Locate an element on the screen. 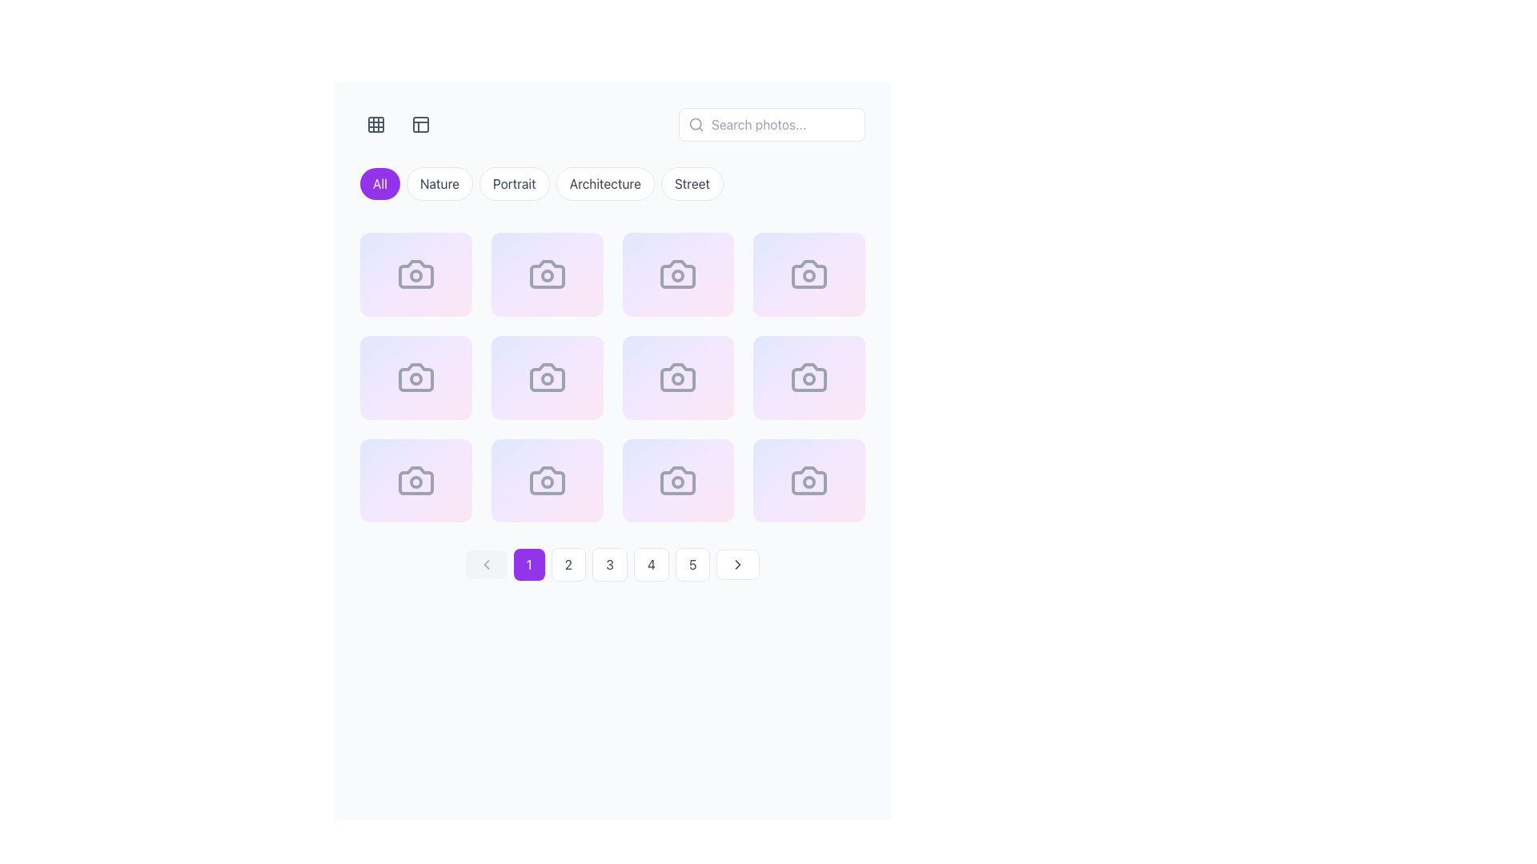 This screenshot has width=1537, height=864. the fourth button in the pagination control is located at coordinates (651, 564).